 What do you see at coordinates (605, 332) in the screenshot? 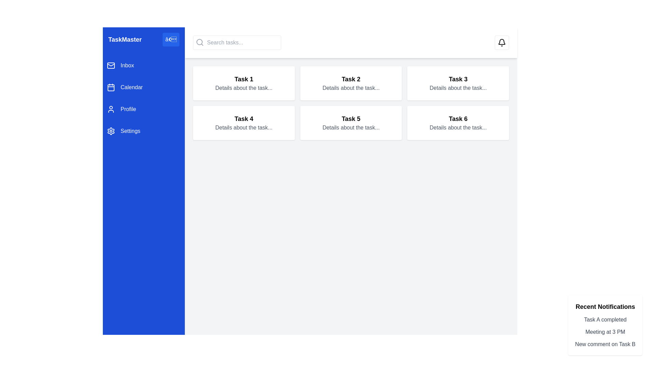
I see `the Text display area that shows recent notifications, including messages like 'Task A completed,' 'Meeting at 3 PM,' and 'New comment on Task B.'` at bounding box center [605, 332].